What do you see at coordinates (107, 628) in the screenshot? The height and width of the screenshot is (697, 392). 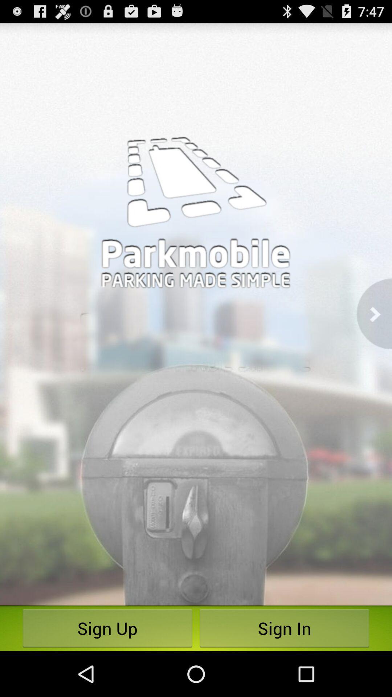 I see `item to the left of the sign in icon` at bounding box center [107, 628].